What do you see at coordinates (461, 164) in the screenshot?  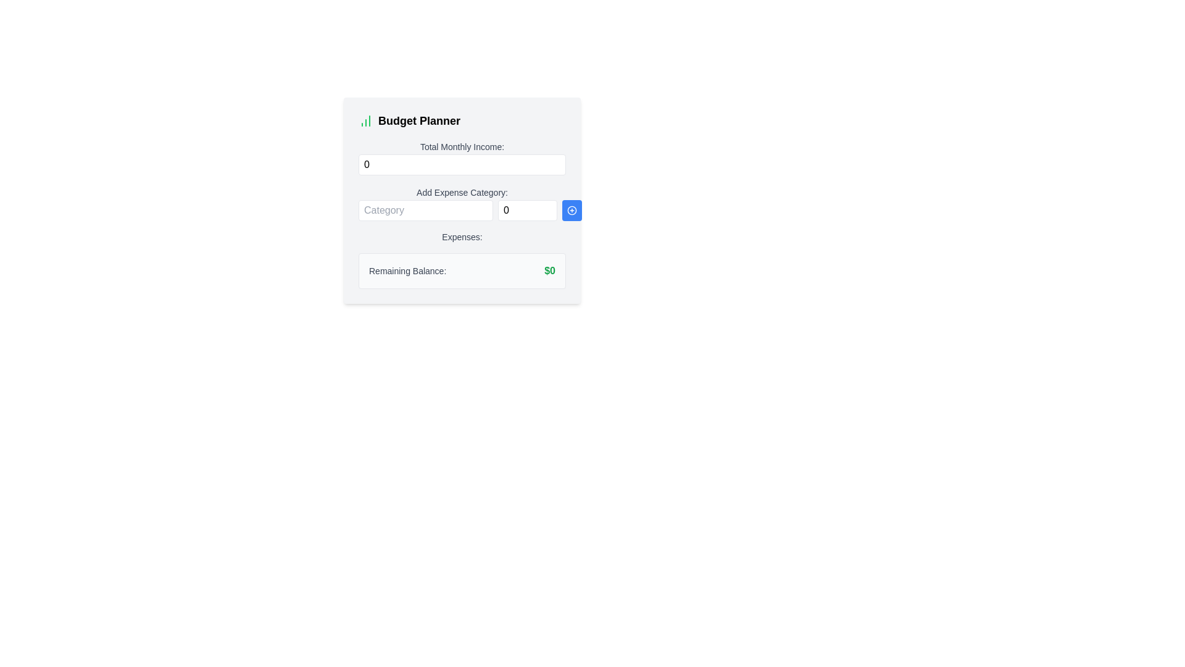 I see `the input field for total monthly income` at bounding box center [461, 164].